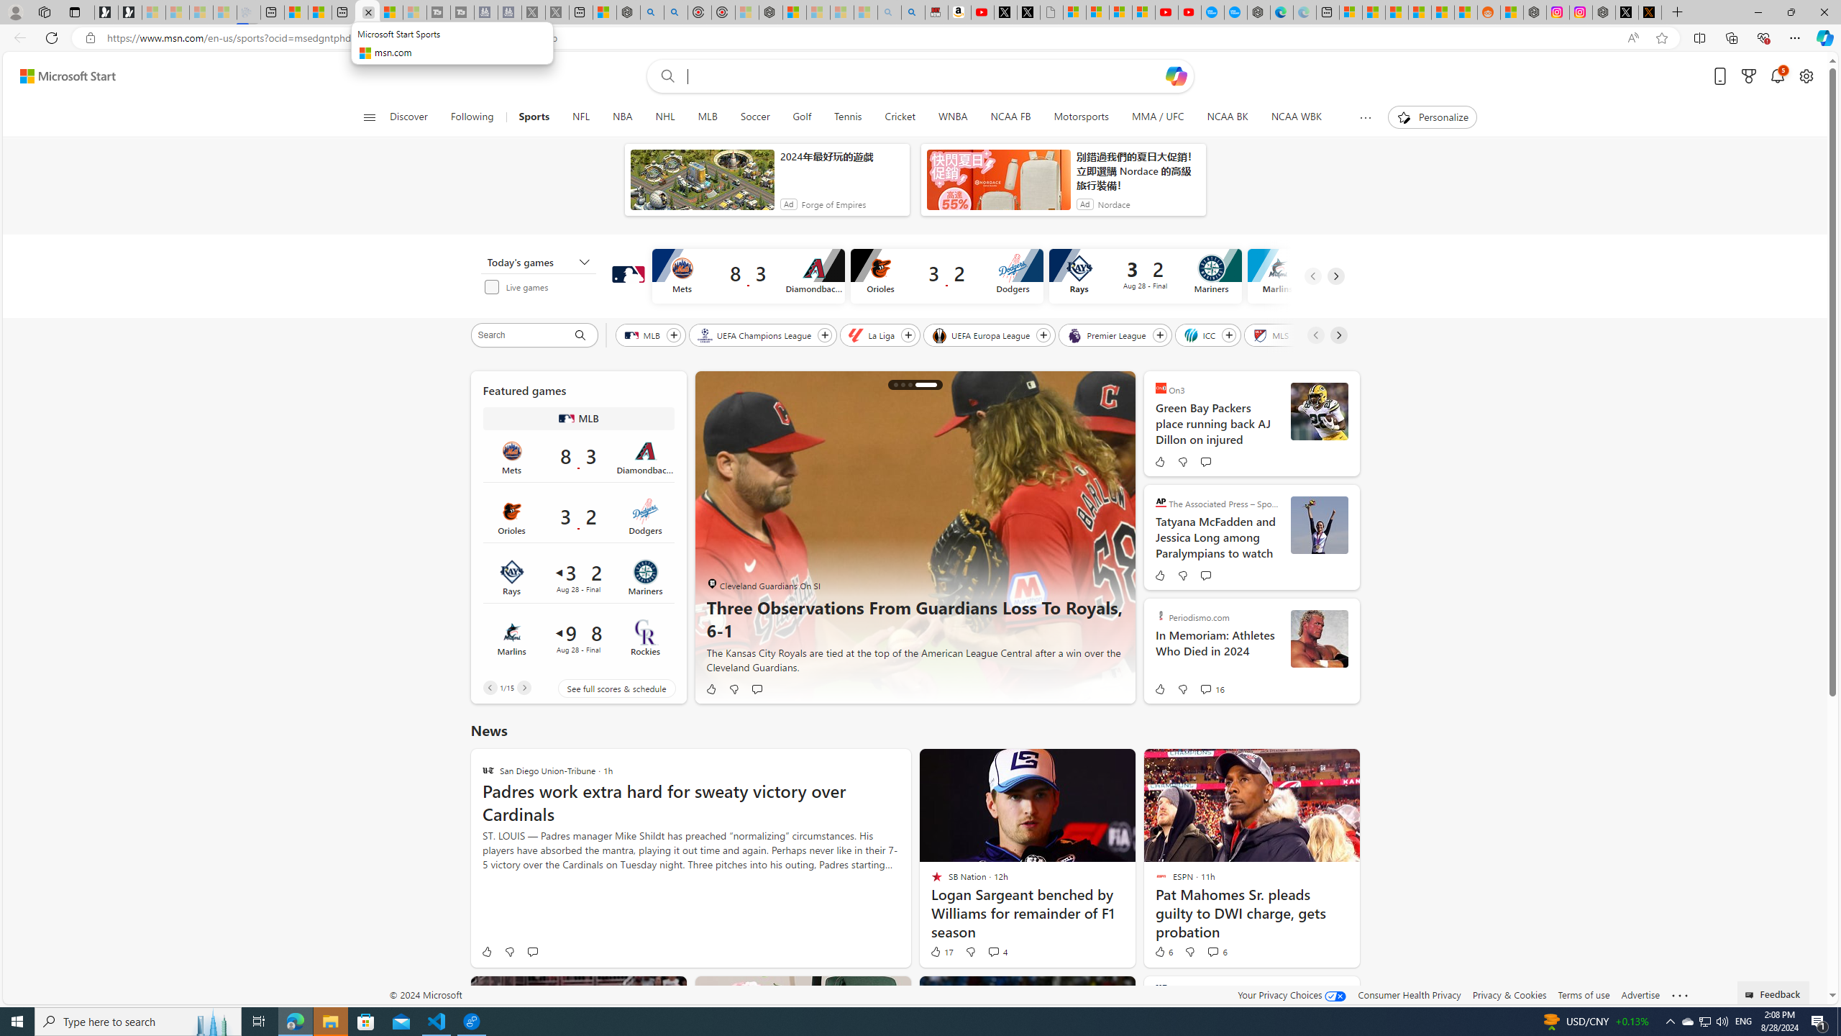  What do you see at coordinates (914, 537) in the screenshot?
I see `'Three Observations From Guardians Loss To Royals, 6-1</img'` at bounding box center [914, 537].